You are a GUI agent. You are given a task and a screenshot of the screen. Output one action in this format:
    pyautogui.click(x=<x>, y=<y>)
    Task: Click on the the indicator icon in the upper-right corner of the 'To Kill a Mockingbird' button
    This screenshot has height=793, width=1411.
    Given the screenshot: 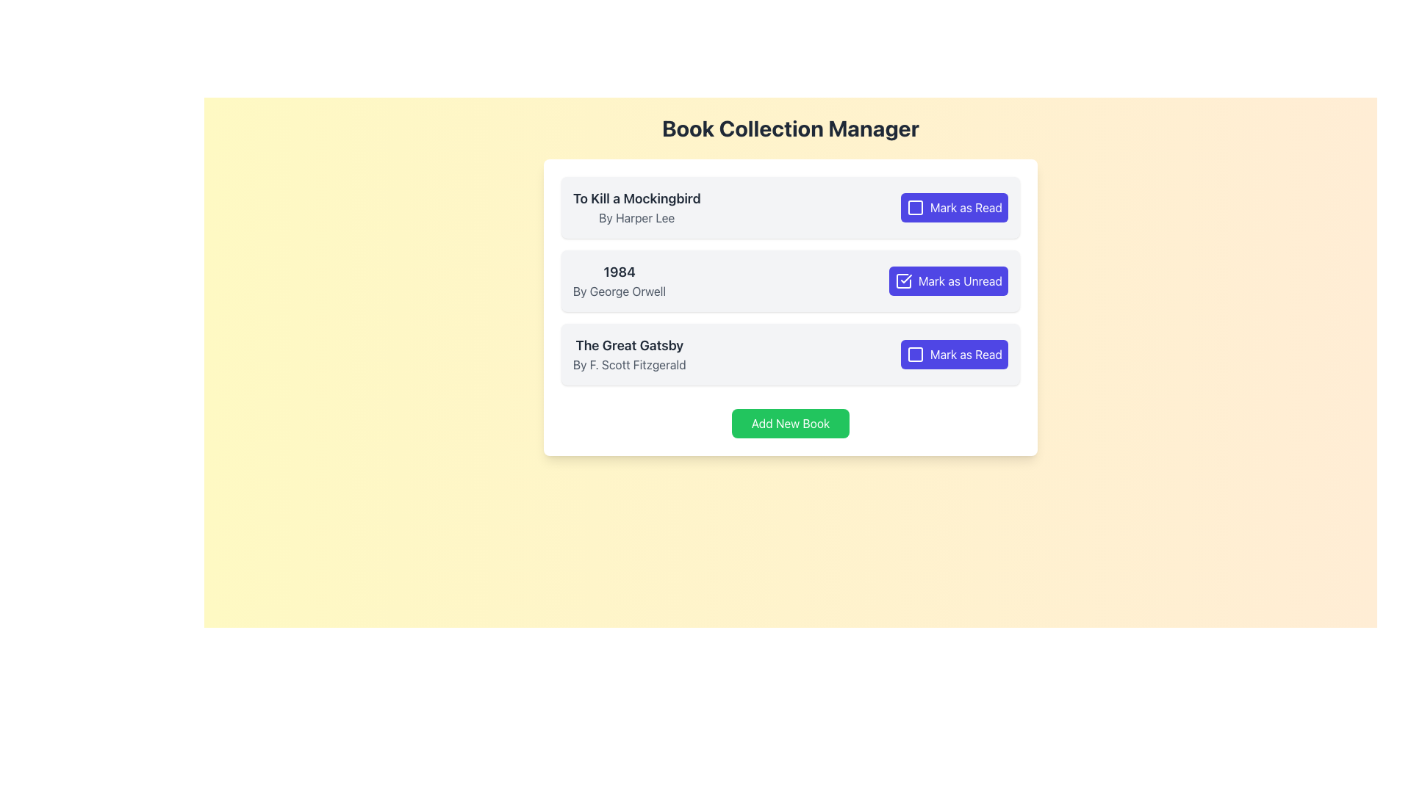 What is the action you would take?
    pyautogui.click(x=914, y=207)
    